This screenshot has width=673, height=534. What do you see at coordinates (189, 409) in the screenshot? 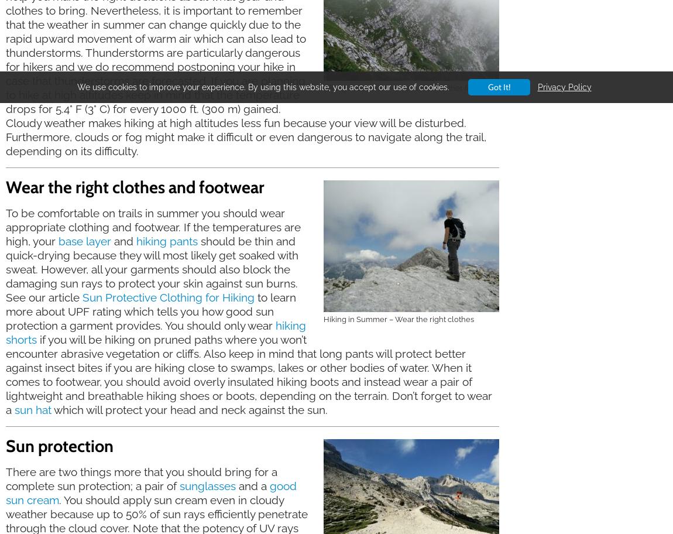
I see `'which will protect your head and neck against the sun.'` at bounding box center [189, 409].